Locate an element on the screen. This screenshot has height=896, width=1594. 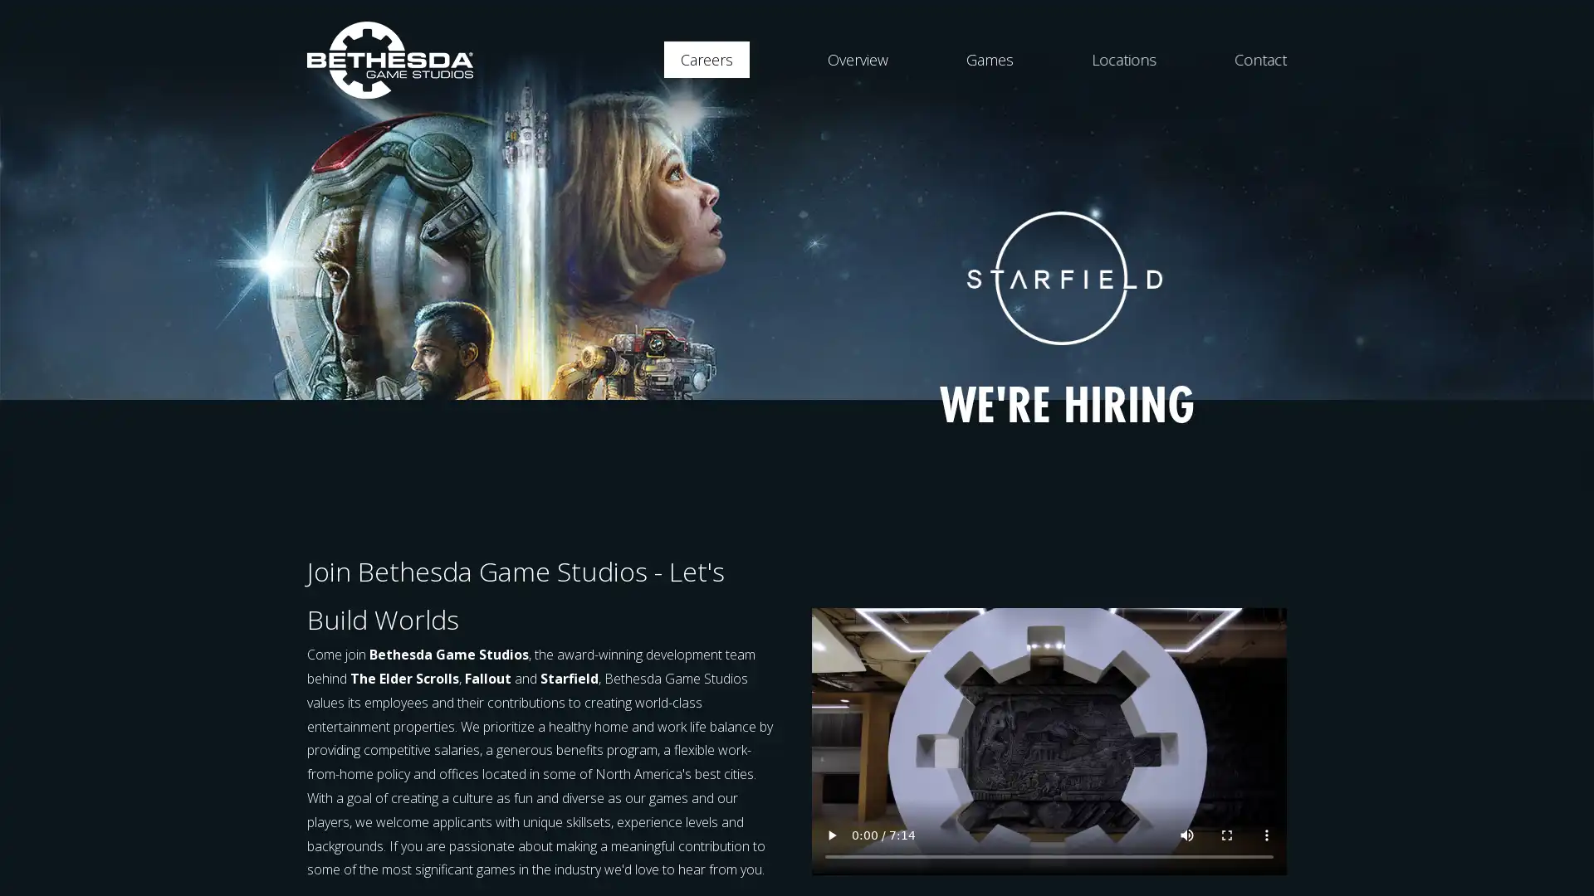
mute is located at coordinates (1186, 835).